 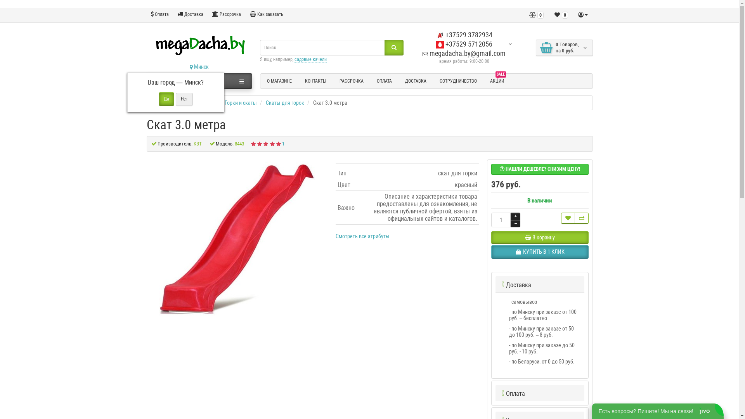 What do you see at coordinates (464, 34) in the screenshot?
I see `'+37529 3782934'` at bounding box center [464, 34].